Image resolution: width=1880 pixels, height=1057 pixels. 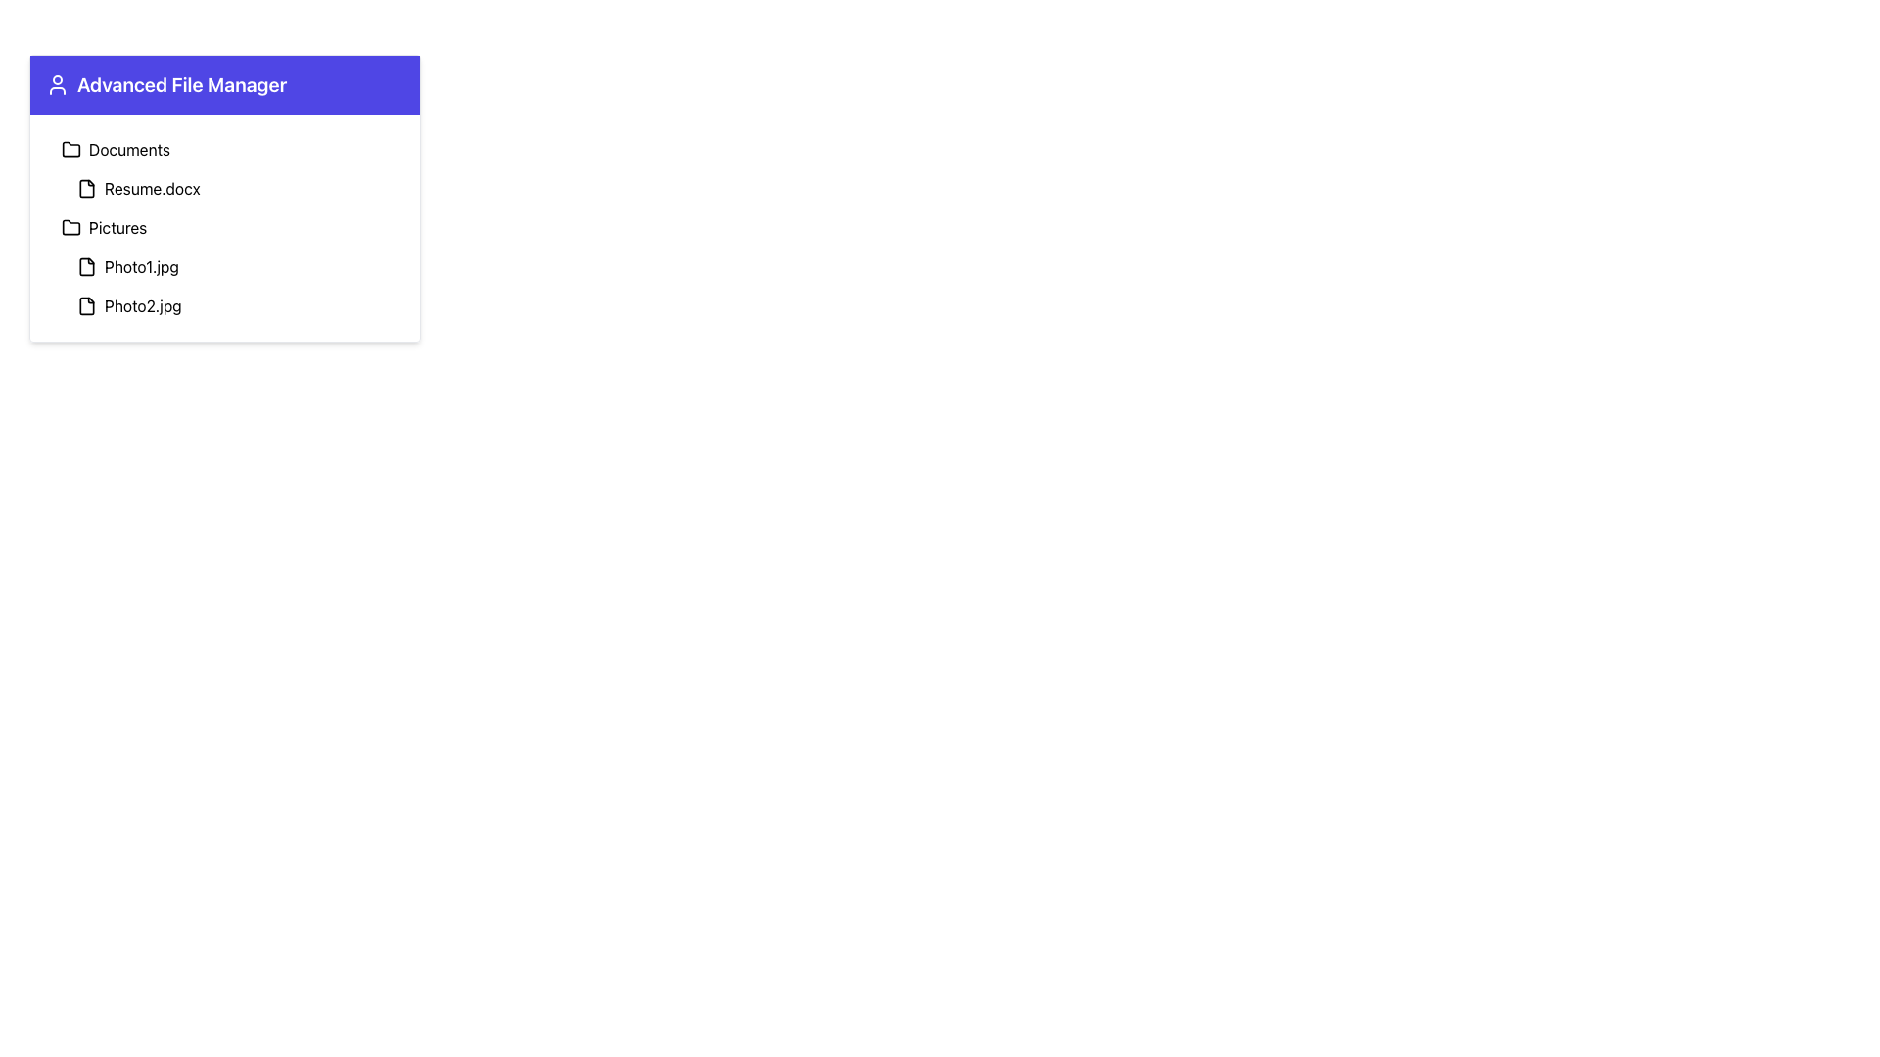 I want to click on the small file icon resembling a document next to the text 'Photo1.jpg' in the file manager interface, so click(x=86, y=267).